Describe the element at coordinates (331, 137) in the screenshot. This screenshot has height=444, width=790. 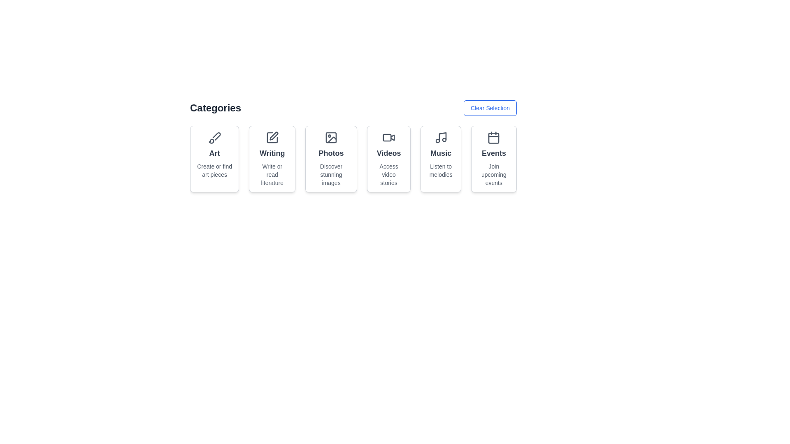
I see `the 'Photos' category icon, which is a decorative SVG graphic element located centrally at the top of the 'Photos' card` at that location.